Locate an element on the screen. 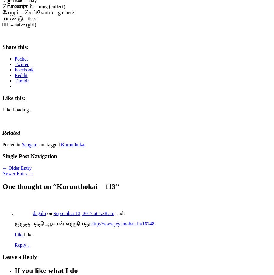 Image resolution: width=274 pixels, height=275 pixels. 'Kurunthokai – 113' is located at coordinates (57, 186).